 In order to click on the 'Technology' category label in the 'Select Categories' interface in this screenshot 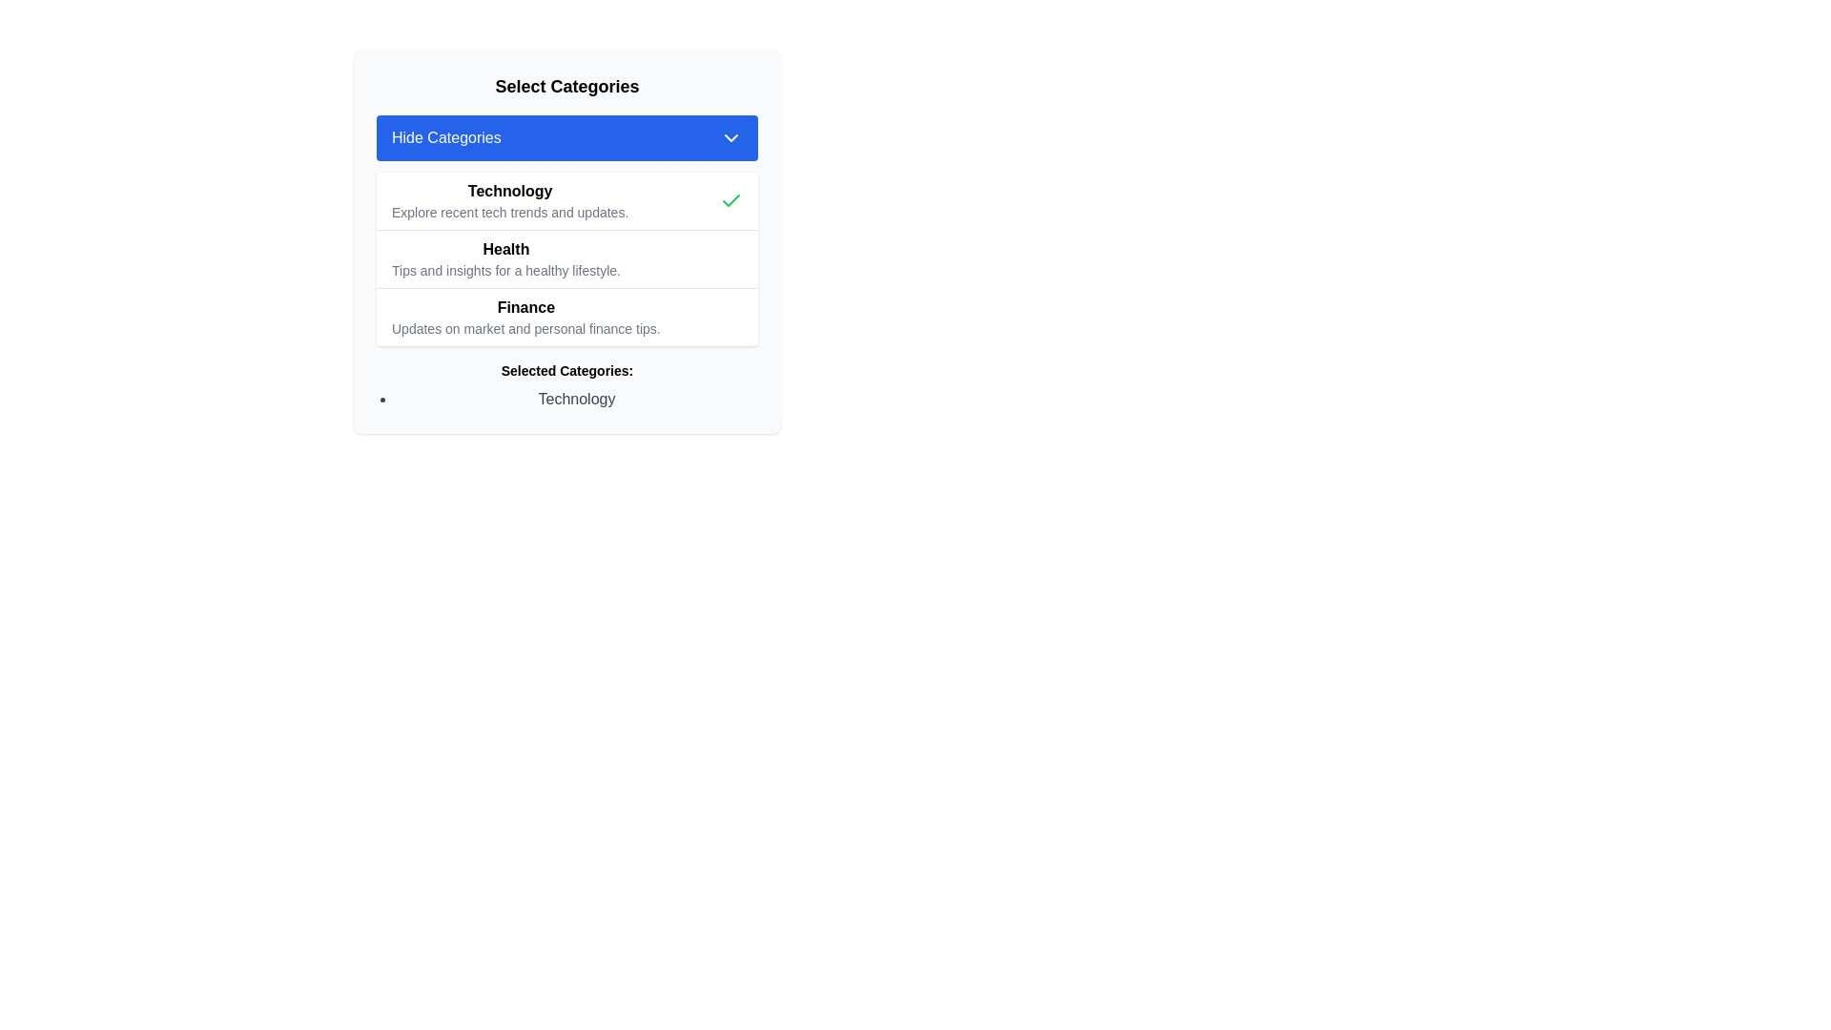, I will do `click(509, 191)`.